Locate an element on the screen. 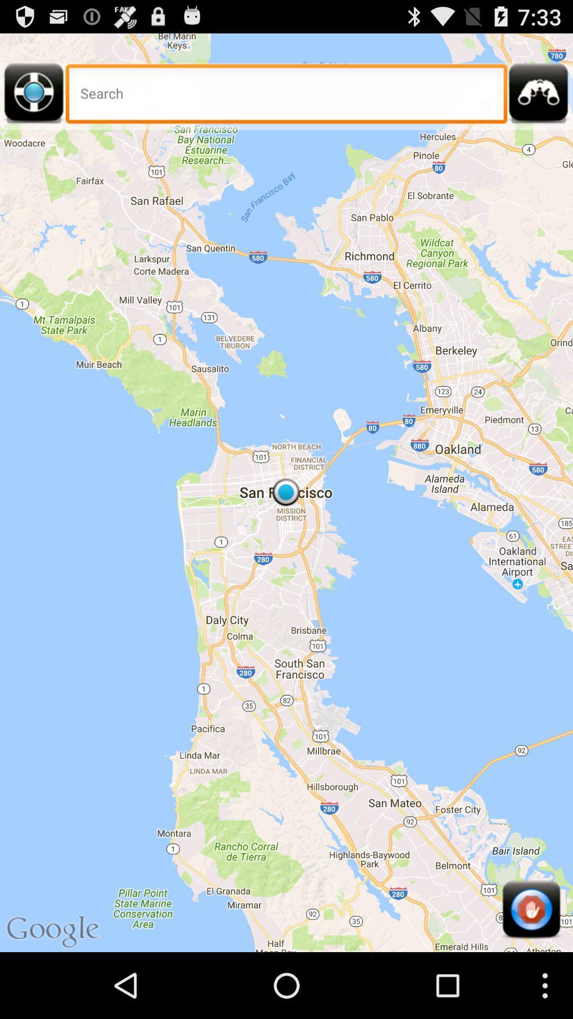 The width and height of the screenshot is (573, 1019). the item at the center is located at coordinates (286, 492).